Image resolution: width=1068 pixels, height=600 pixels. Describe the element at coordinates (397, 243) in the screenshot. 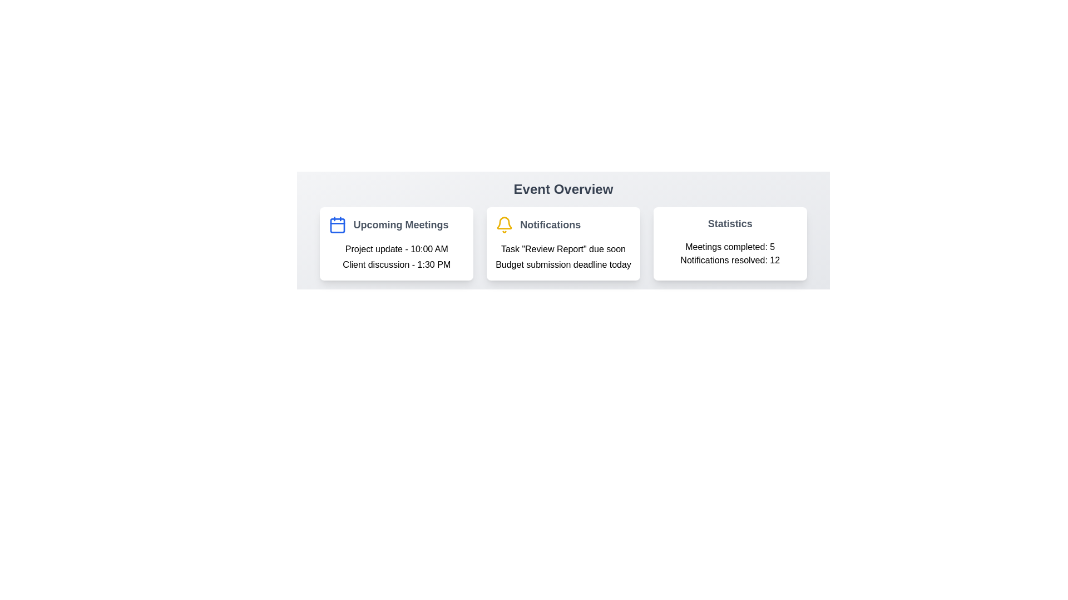

I see `information displayed on the Informational Card, which is the leftmost card in the grid layout showing scheduled meetings` at that location.